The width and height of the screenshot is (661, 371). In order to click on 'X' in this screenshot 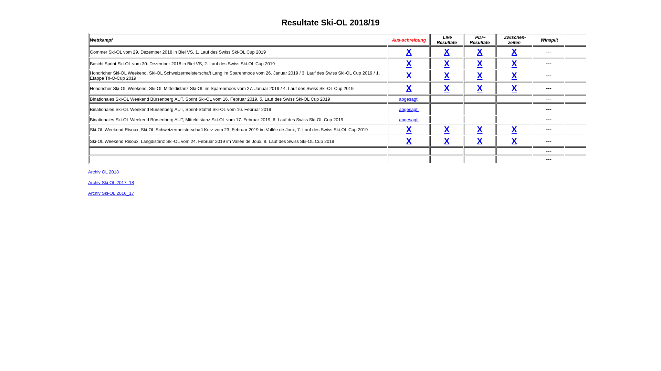, I will do `click(479, 88)`.